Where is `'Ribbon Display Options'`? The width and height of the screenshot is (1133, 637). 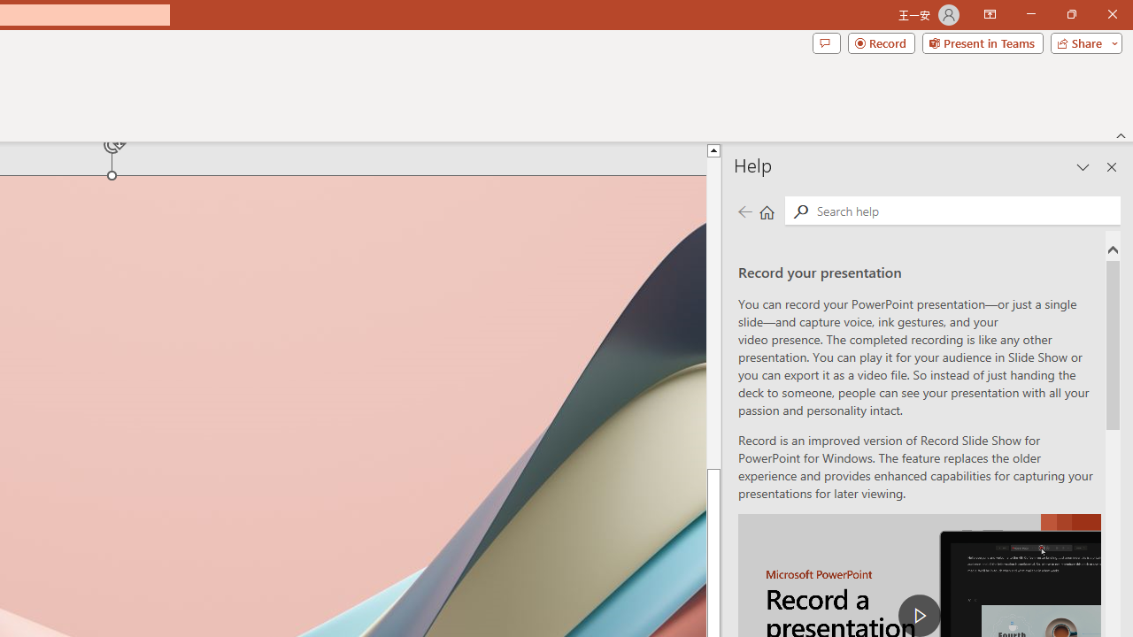 'Ribbon Display Options' is located at coordinates (989, 14).